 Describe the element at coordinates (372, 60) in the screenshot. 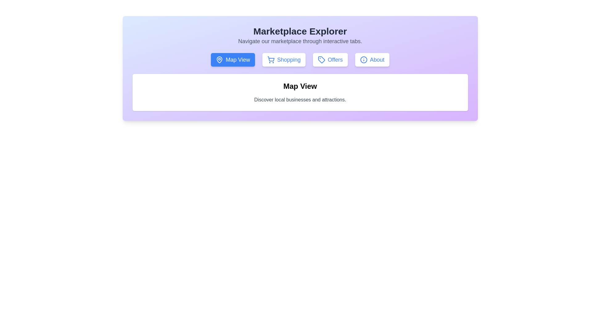

I see `the tab labeled About to view its content` at that location.